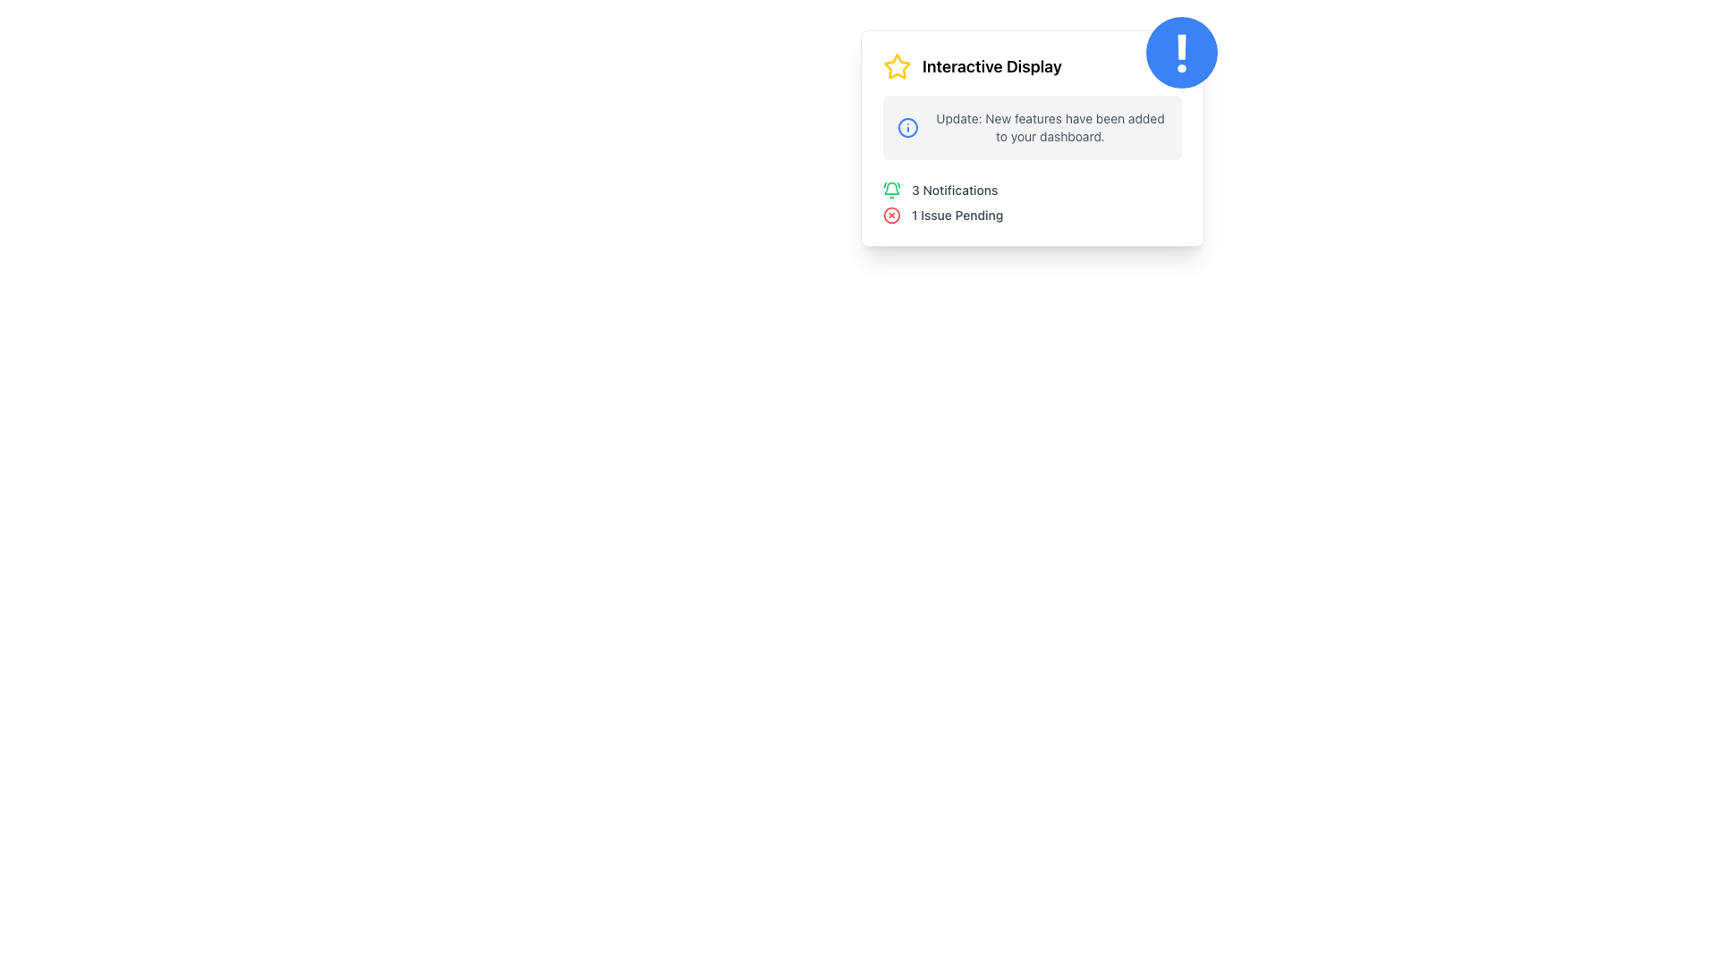  Describe the element at coordinates (907, 126) in the screenshot. I see `the circle element that visually defines the boundary of the informational icon, located at the top-right corner of the card component` at that location.